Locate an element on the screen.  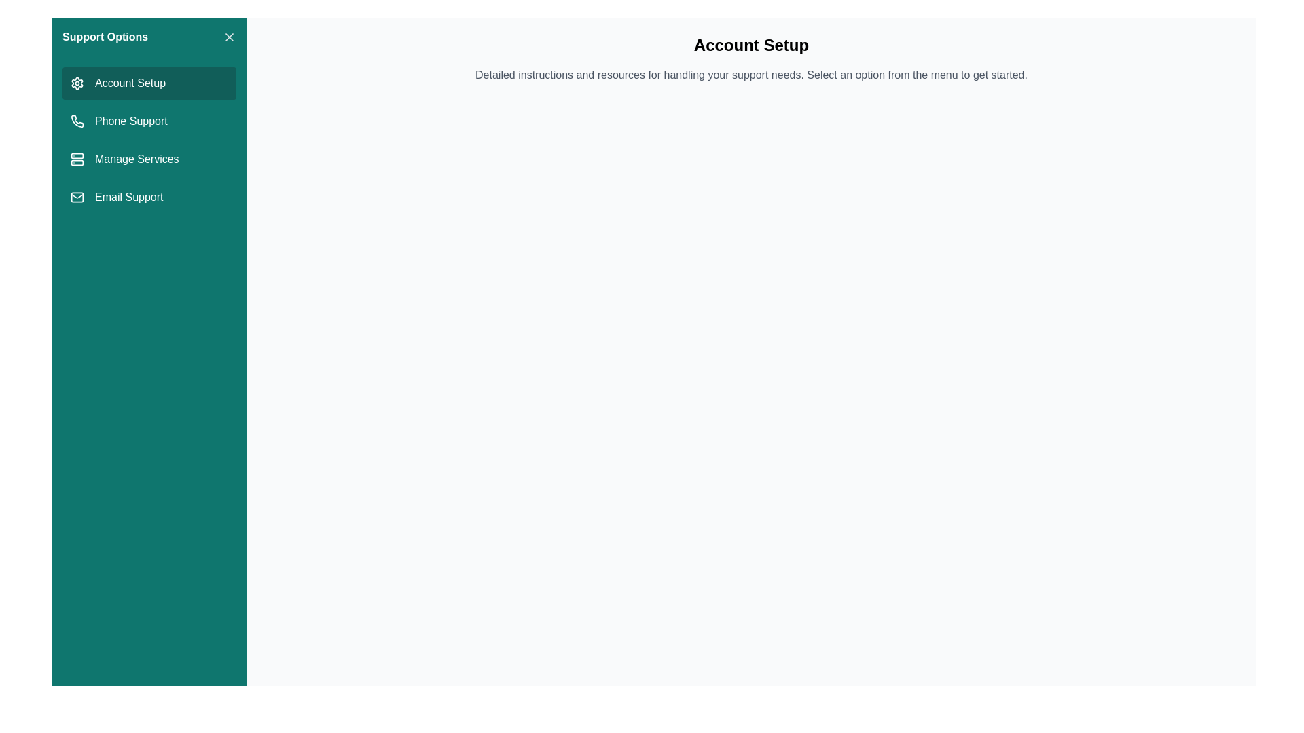
the Close icon located in the top-right area of the left sidebar, adjacent to the label text 'Support Options' is located at coordinates (229, 36).